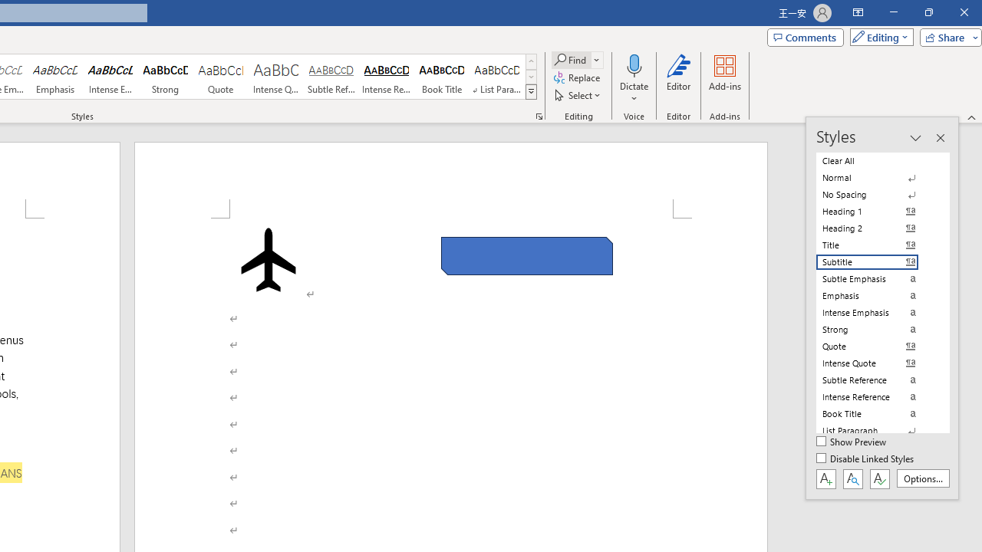 The height and width of the screenshot is (552, 982). I want to click on 'Quote', so click(220, 77).